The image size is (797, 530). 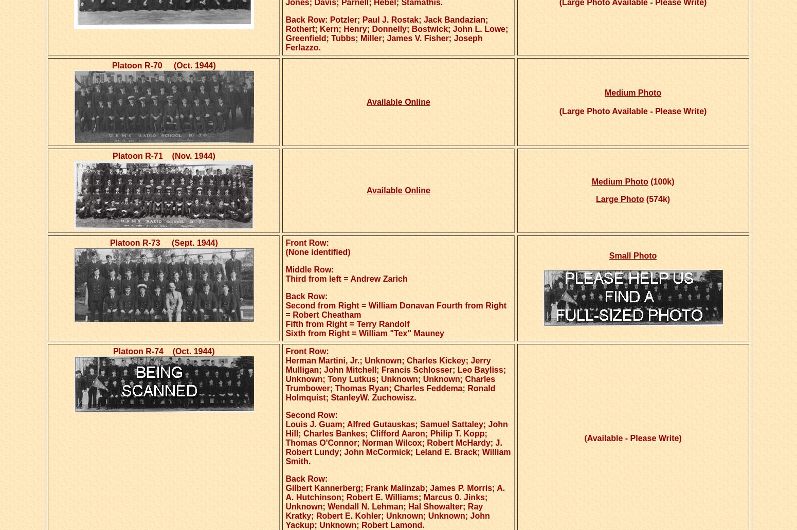 What do you see at coordinates (396, 309) in the screenshot?
I see `'Second from Right = William Donavan	Fourth from Right = Robert Cheatham'` at bounding box center [396, 309].